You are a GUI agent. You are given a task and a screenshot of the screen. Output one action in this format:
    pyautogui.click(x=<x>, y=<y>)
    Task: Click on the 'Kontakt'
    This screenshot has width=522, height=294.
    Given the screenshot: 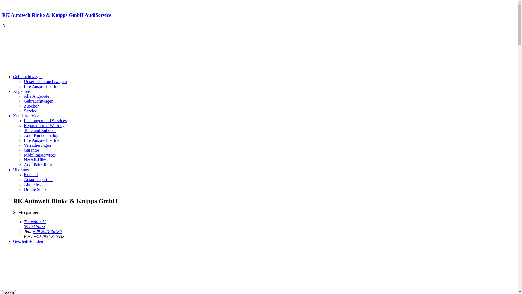 What is the action you would take?
    pyautogui.click(x=31, y=174)
    